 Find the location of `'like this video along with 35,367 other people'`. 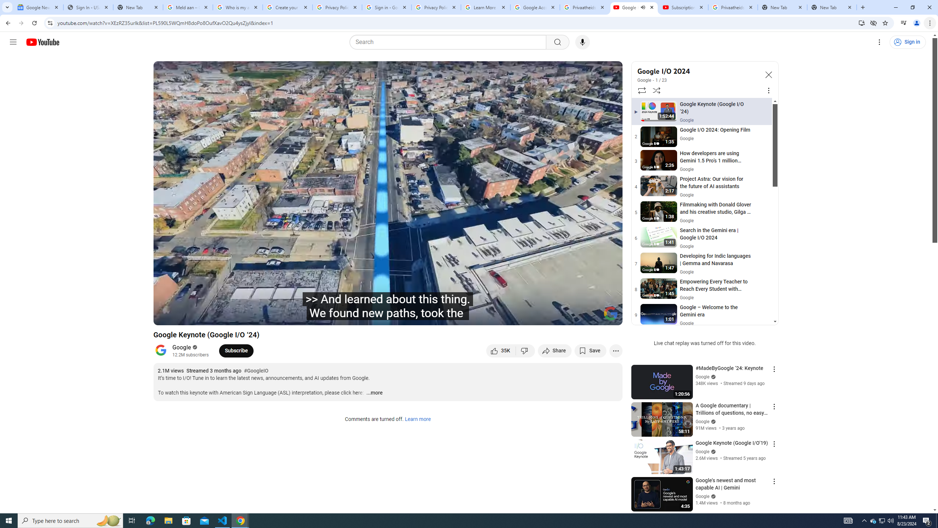

'like this video along with 35,367 other people' is located at coordinates (501, 350).